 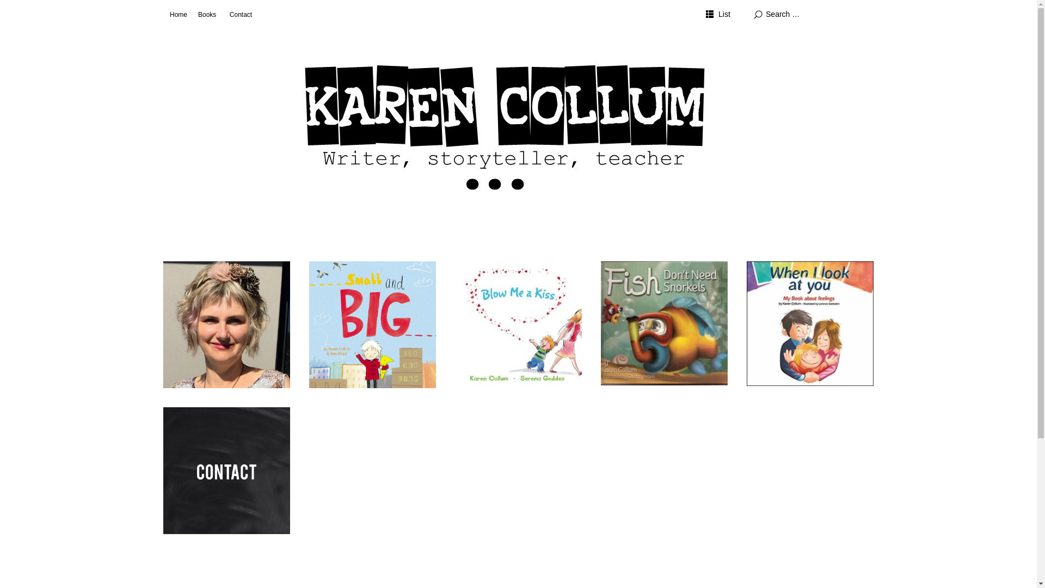 I want to click on 'Books', so click(x=207, y=15).